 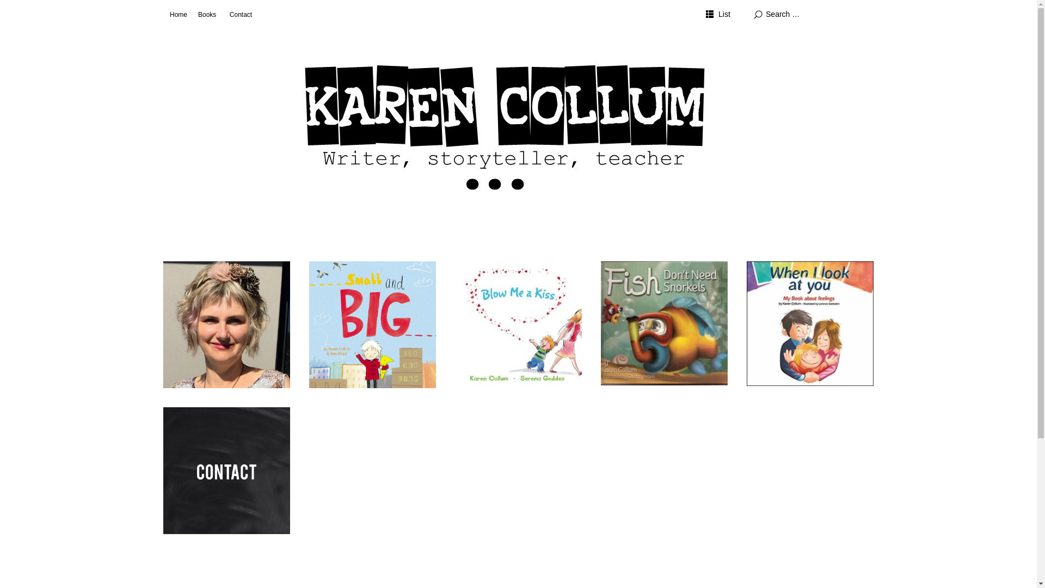 I want to click on 'Books', so click(x=207, y=15).